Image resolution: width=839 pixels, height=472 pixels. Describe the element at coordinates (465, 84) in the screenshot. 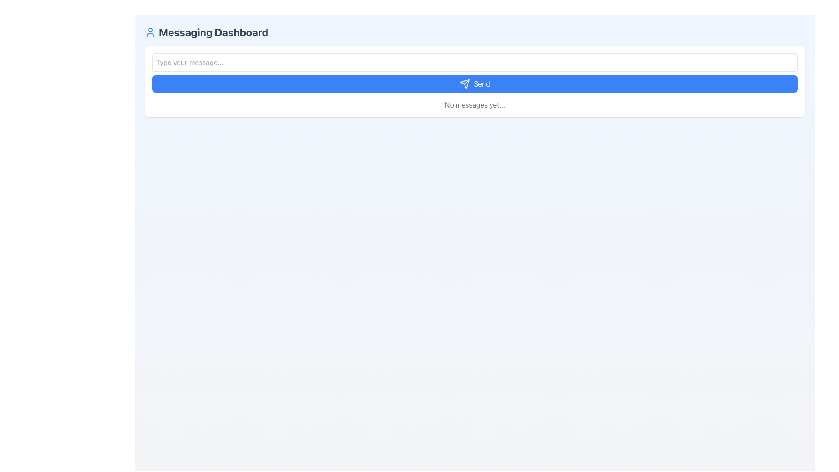

I see `the 'send' icon located at the top-right corner of the blue-colored message input button, which is below the text input field labeled 'Type your message...'` at that location.